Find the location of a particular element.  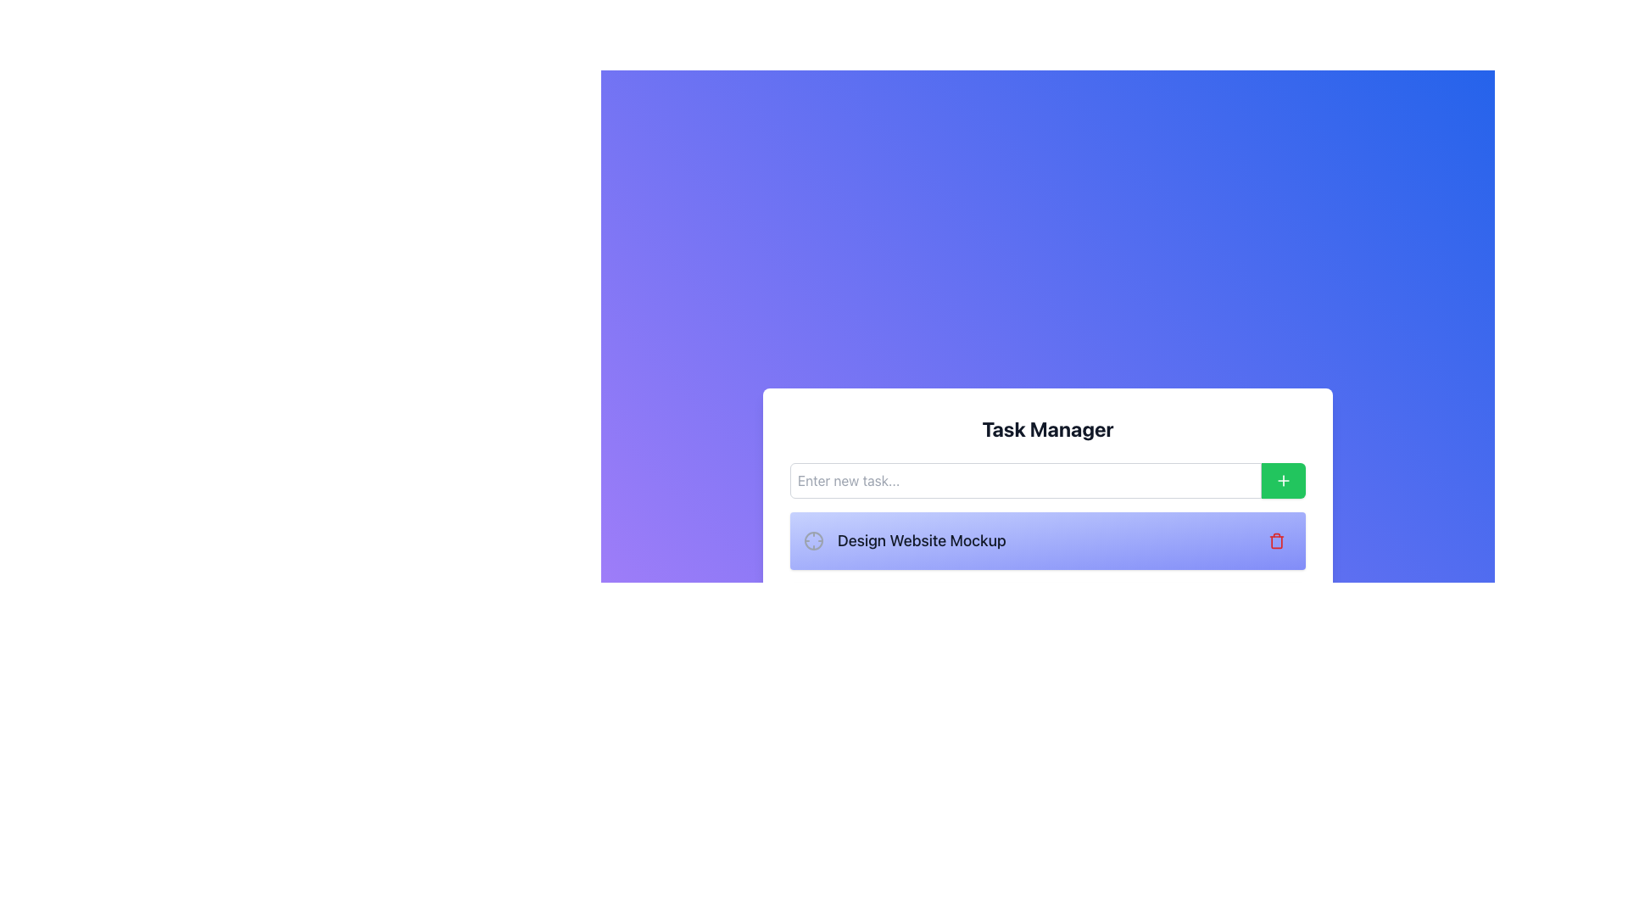

the Text Label that describes the task in the task management application is located at coordinates (921, 540).